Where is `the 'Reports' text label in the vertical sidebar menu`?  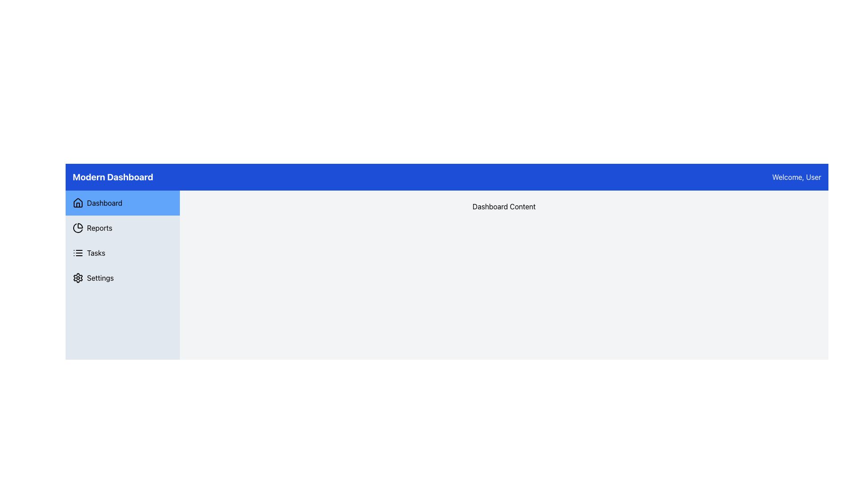
the 'Reports' text label in the vertical sidebar menu is located at coordinates (100, 227).